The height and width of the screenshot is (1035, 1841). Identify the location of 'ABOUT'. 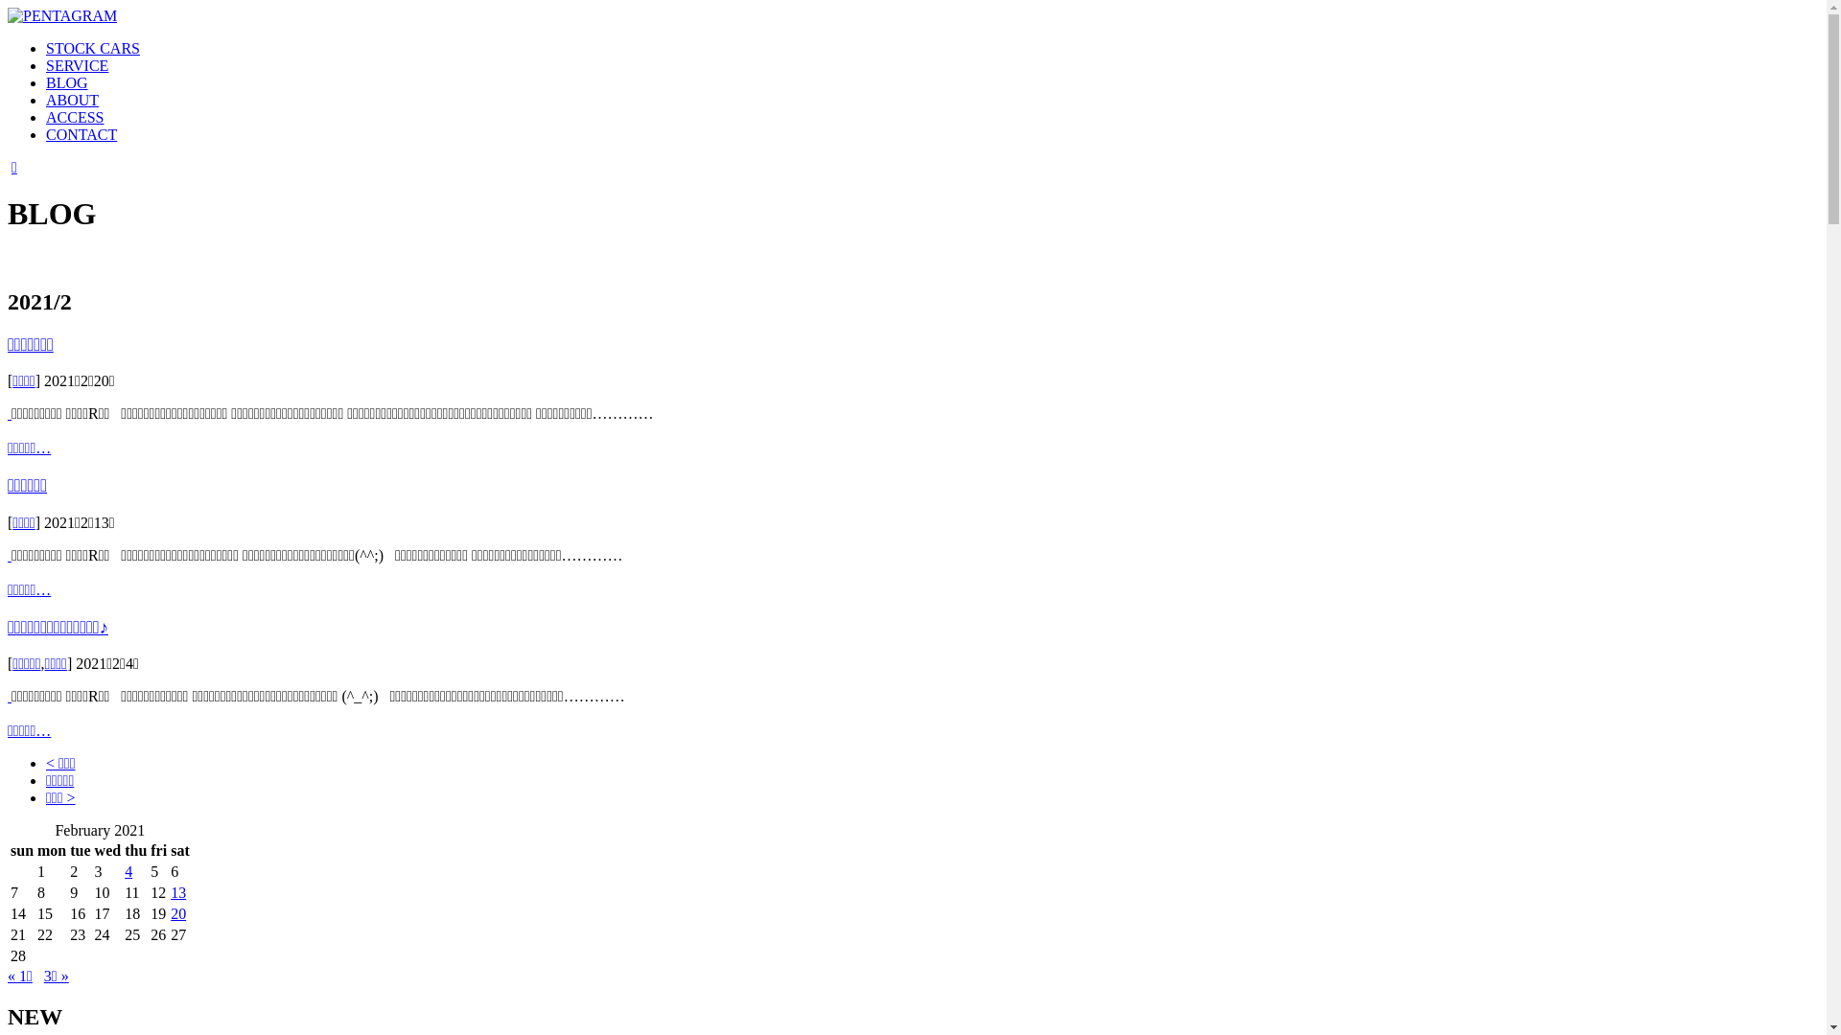
(72, 100).